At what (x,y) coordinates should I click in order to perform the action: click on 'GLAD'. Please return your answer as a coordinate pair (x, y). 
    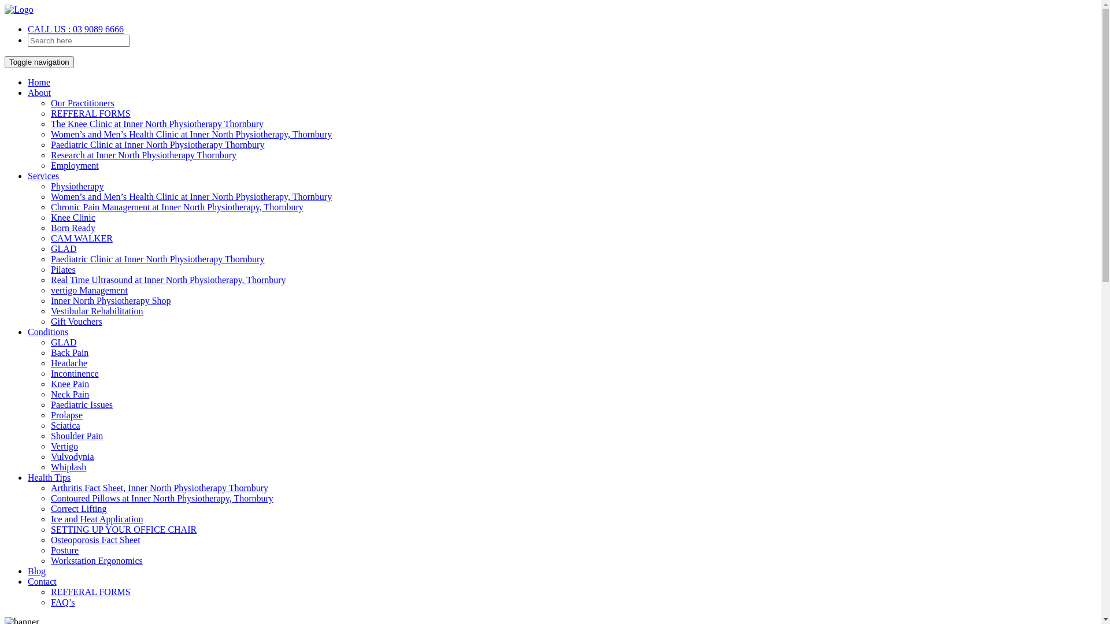
    Looking at the image, I should click on (63, 341).